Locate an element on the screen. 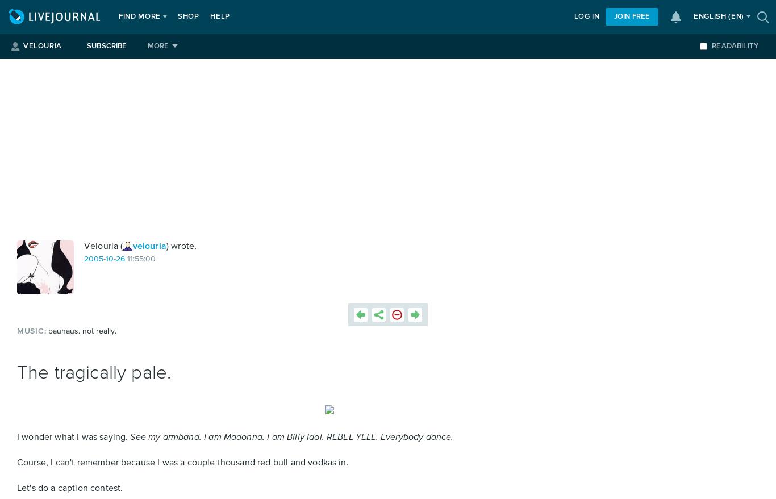 This screenshot has height=499, width=776. 'Shop' is located at coordinates (177, 16).